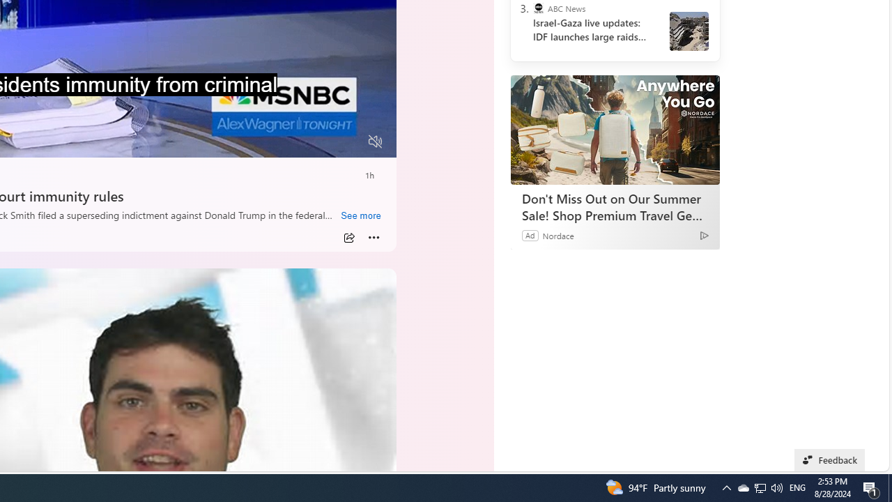 The height and width of the screenshot is (502, 892). Describe the element at coordinates (830, 459) in the screenshot. I see `'Feedback'` at that location.